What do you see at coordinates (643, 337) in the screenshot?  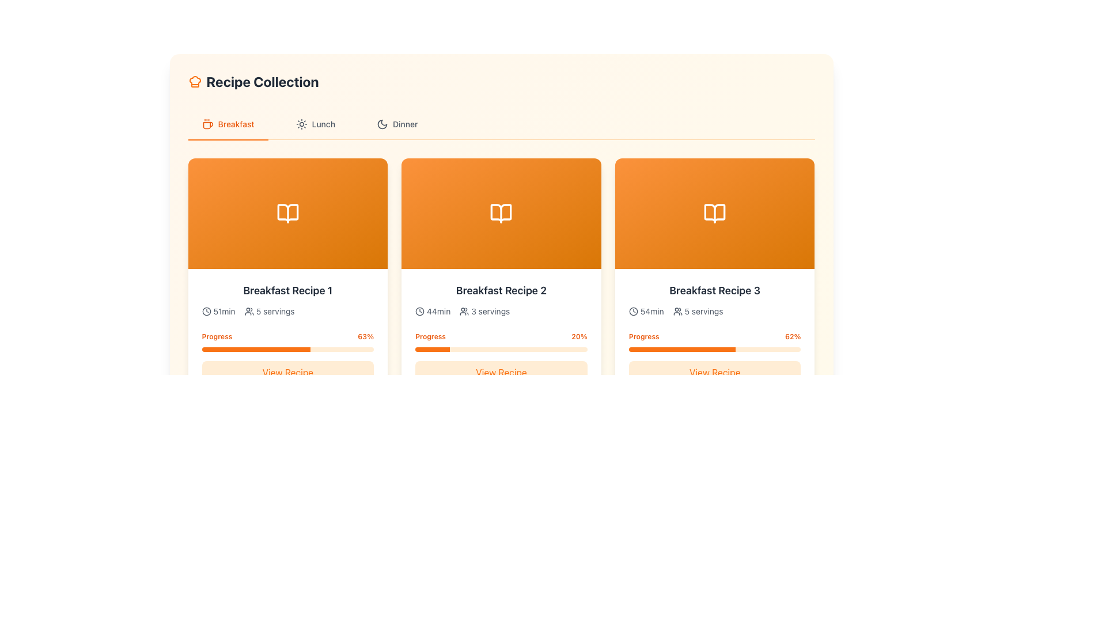 I see `the static text label that serves as a title for the progress bar in the third card under the 'Breakfast' tab to possibly trigger hover effects` at bounding box center [643, 337].